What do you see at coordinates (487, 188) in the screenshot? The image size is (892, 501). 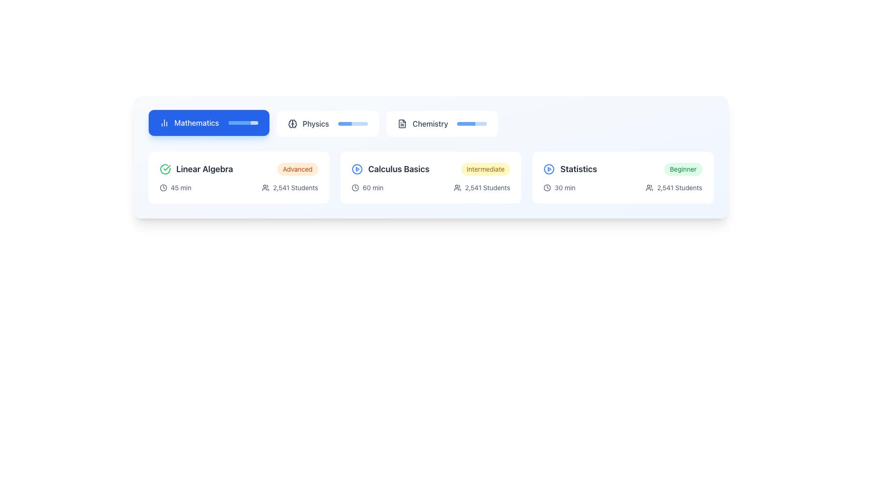 I see `the static text displaying '2,541 Students' in a light-to-dark gray font, located next to the student icon within the 'Calculus Basics' card` at bounding box center [487, 188].